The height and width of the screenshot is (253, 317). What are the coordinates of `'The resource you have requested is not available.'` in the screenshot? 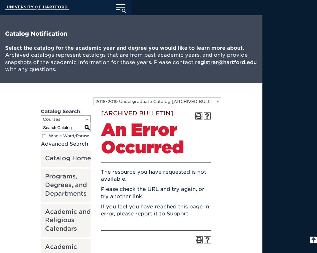 It's located at (100, 175).